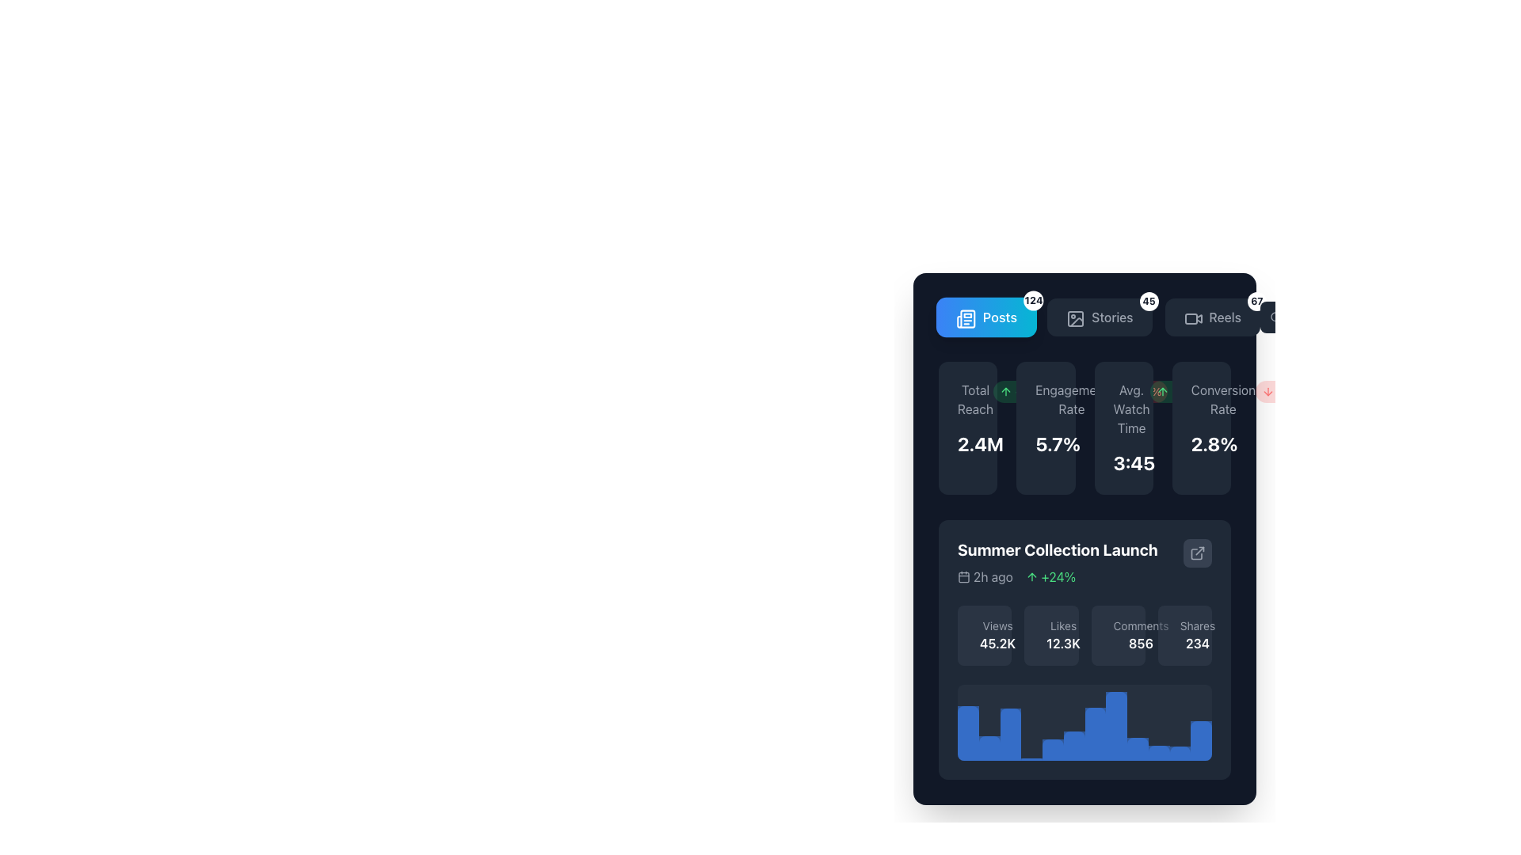  What do you see at coordinates (963, 577) in the screenshot?
I see `the calendar icon that is positioned to the left of the text '2h ago', which serves as an indicator for date-related functionalities` at bounding box center [963, 577].